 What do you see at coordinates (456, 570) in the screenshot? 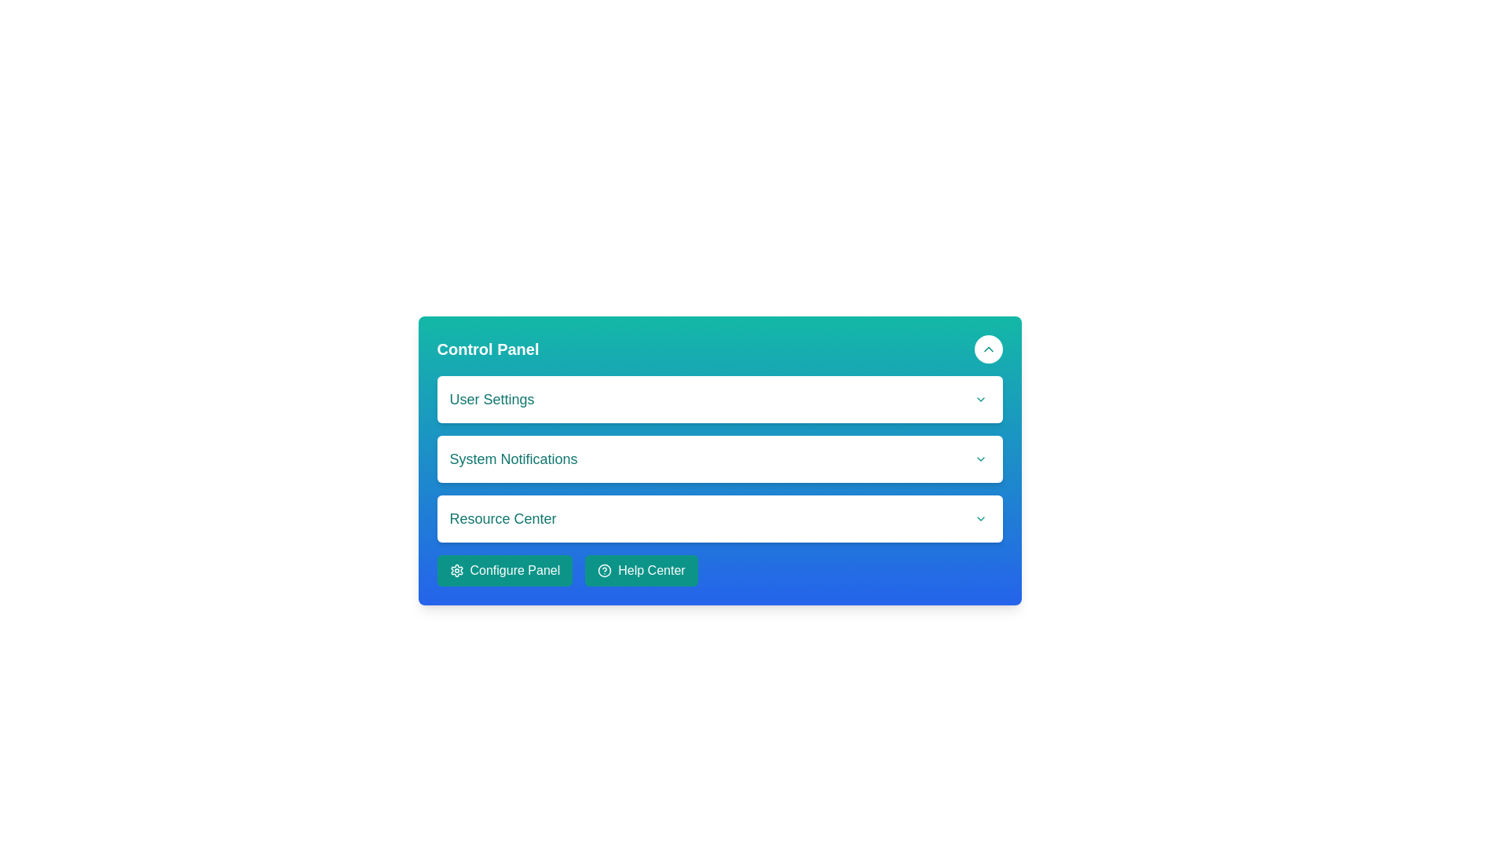
I see `the gear icon which represents settings within the 'Configure Panel' button located at the lower-left of the control panel interface` at bounding box center [456, 570].